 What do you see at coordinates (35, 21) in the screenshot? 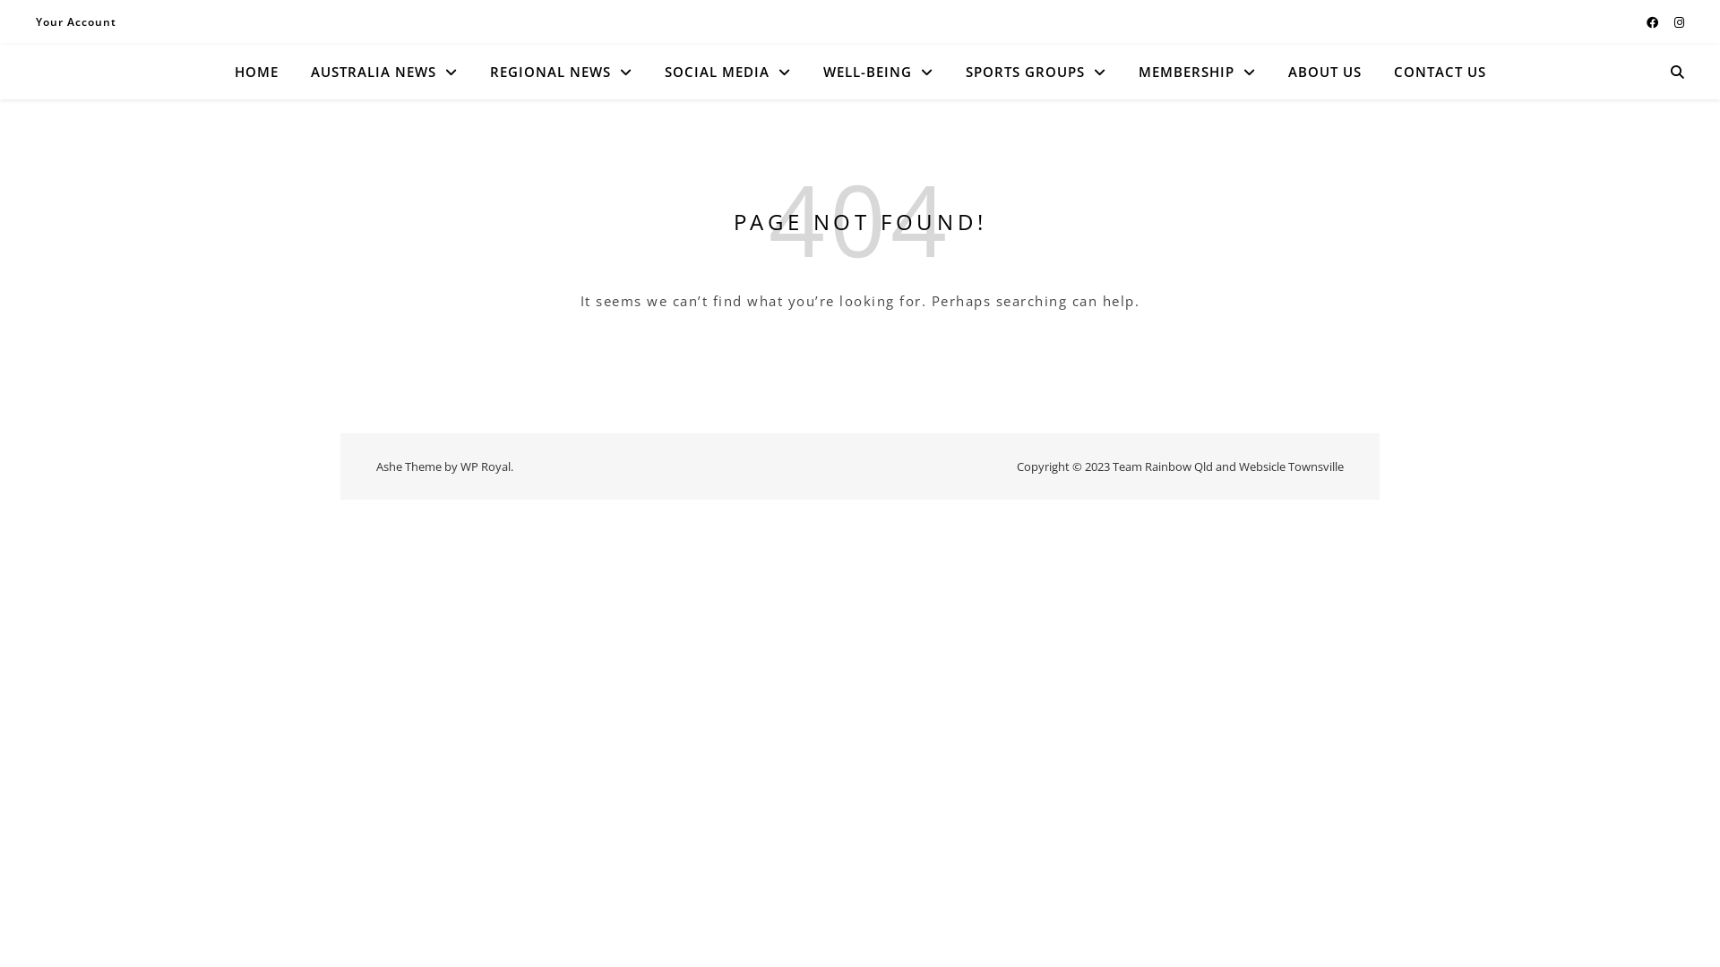
I see `'Your Account'` at bounding box center [35, 21].